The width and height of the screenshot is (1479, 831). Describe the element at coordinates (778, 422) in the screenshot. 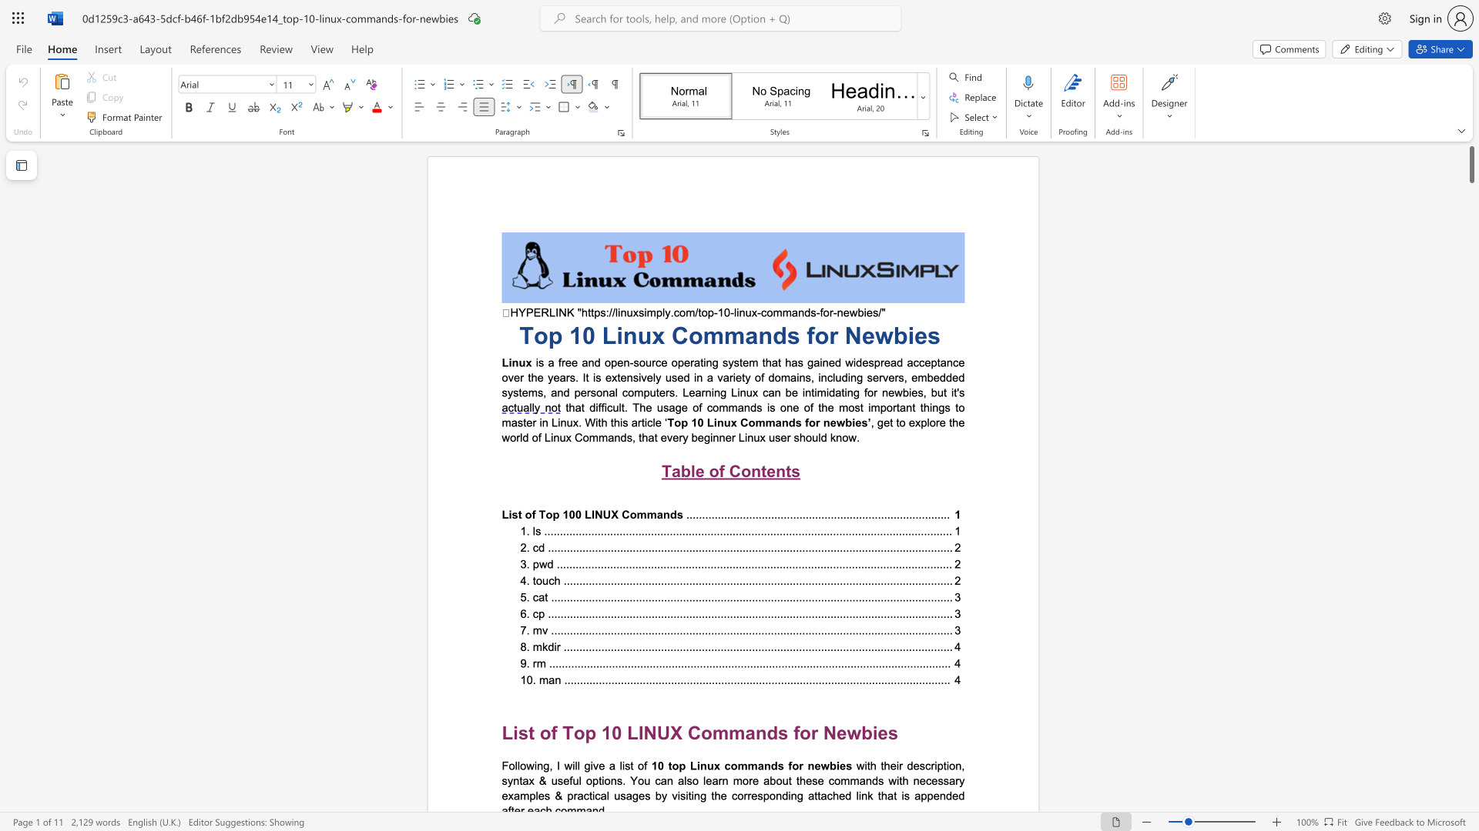

I see `the 1th character "a" in the text` at that location.